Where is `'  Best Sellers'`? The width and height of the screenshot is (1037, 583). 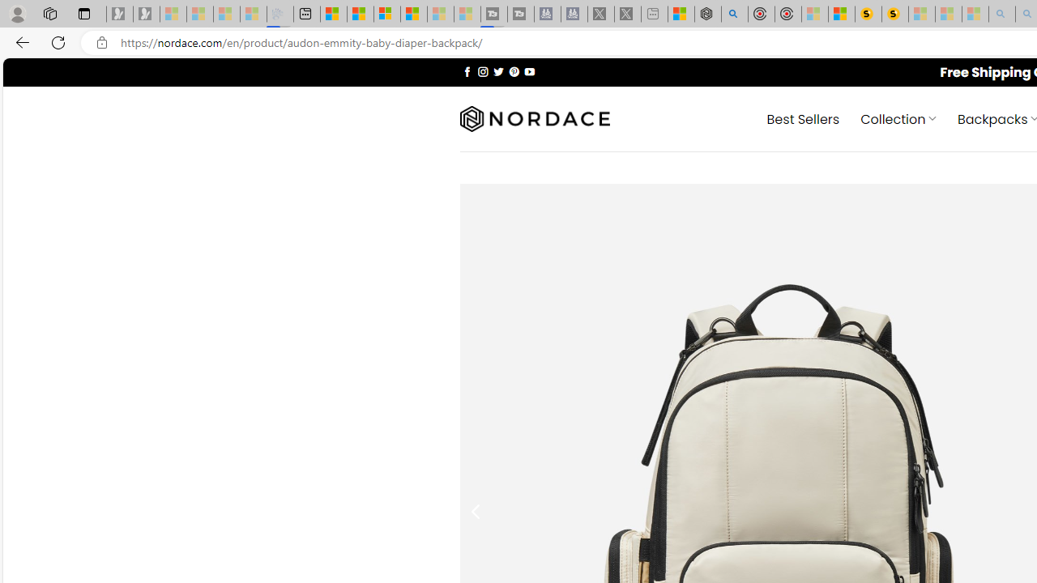
'  Best Sellers' is located at coordinates (803, 117).